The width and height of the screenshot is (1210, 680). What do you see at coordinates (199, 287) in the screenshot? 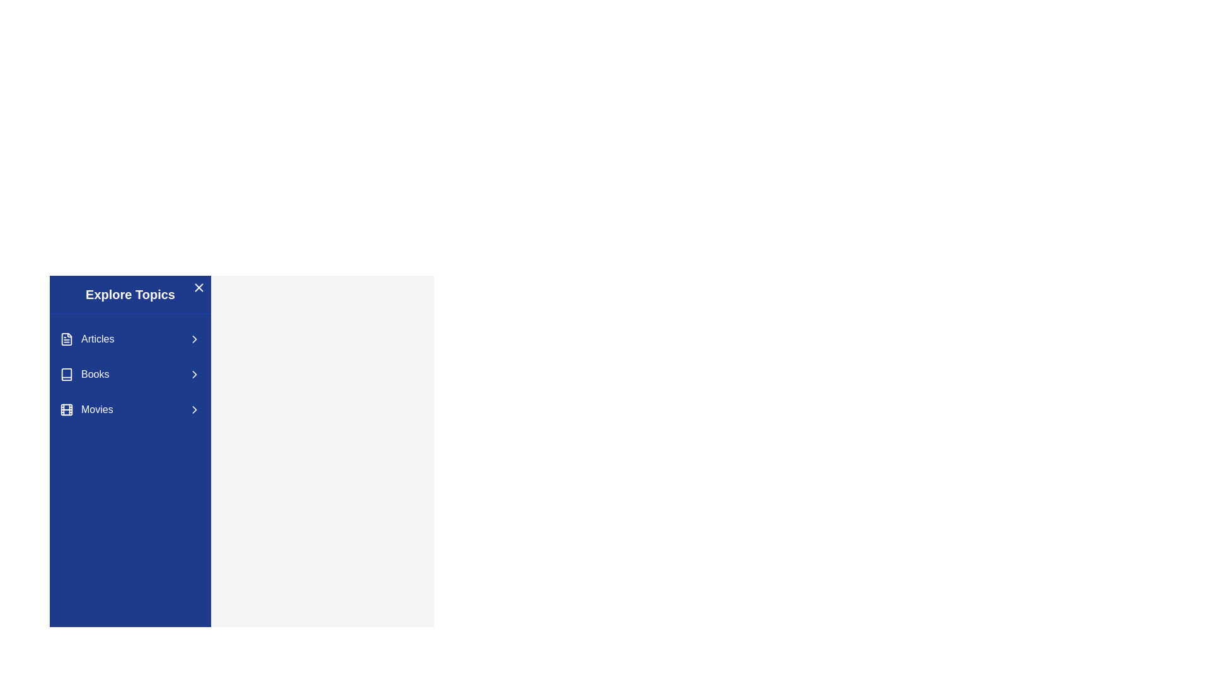
I see `the close icon represented by a diagonal cross symbol located at the top-right corner of the 'Explore Topics' blue panel` at bounding box center [199, 287].